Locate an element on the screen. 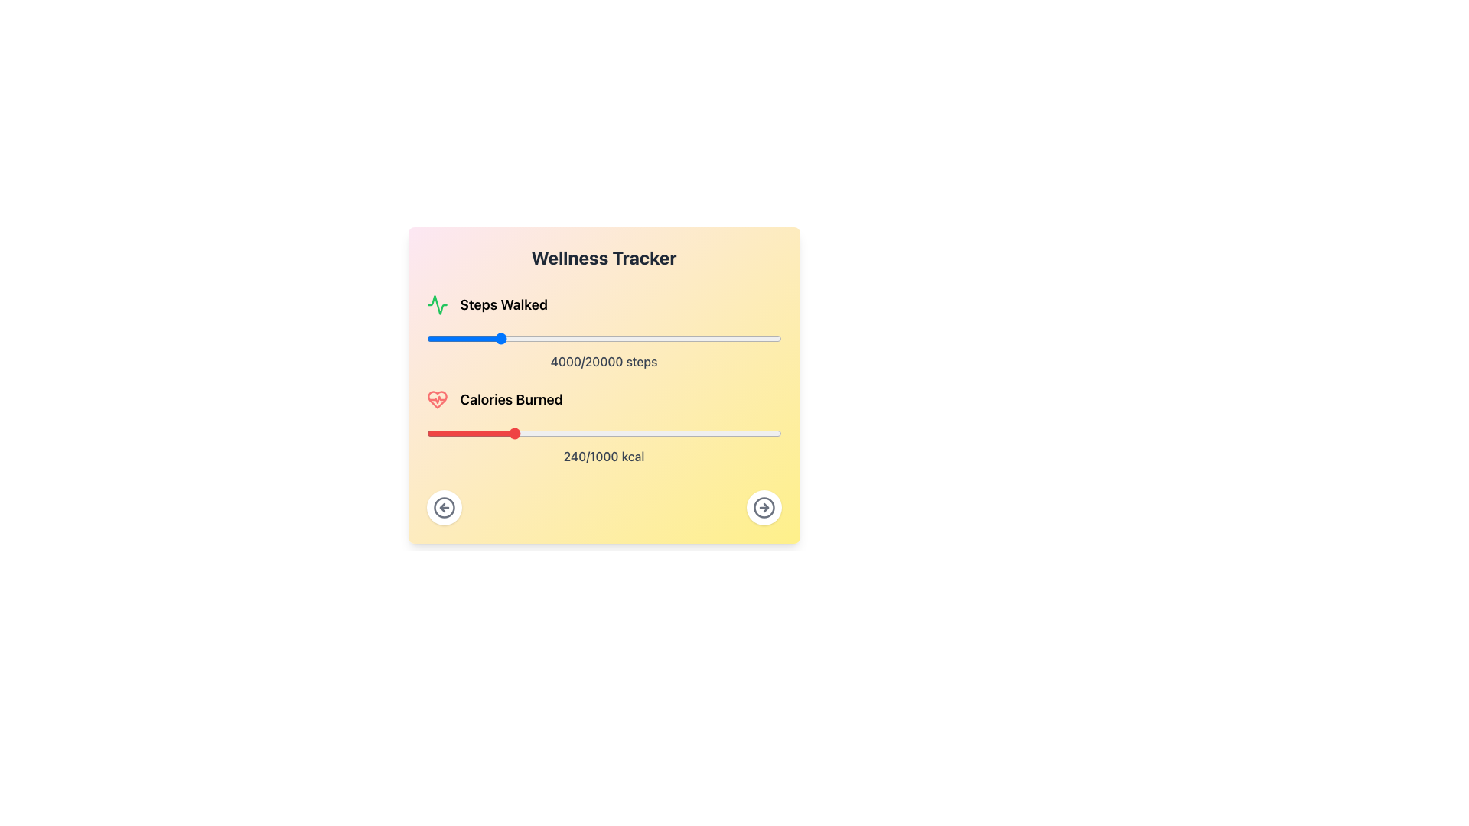 This screenshot has height=826, width=1469. the SVG Circle element located in the bottom-right corner of the main UI card, which is part of a circular arrow icon and serves as a decorative component or interaction indicator is located at coordinates (764, 507).